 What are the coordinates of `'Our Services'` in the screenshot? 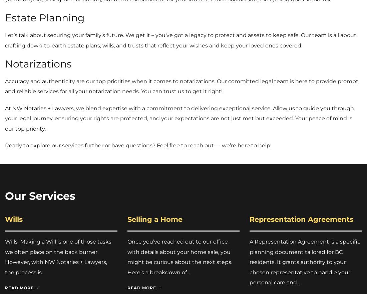 It's located at (4, 196).